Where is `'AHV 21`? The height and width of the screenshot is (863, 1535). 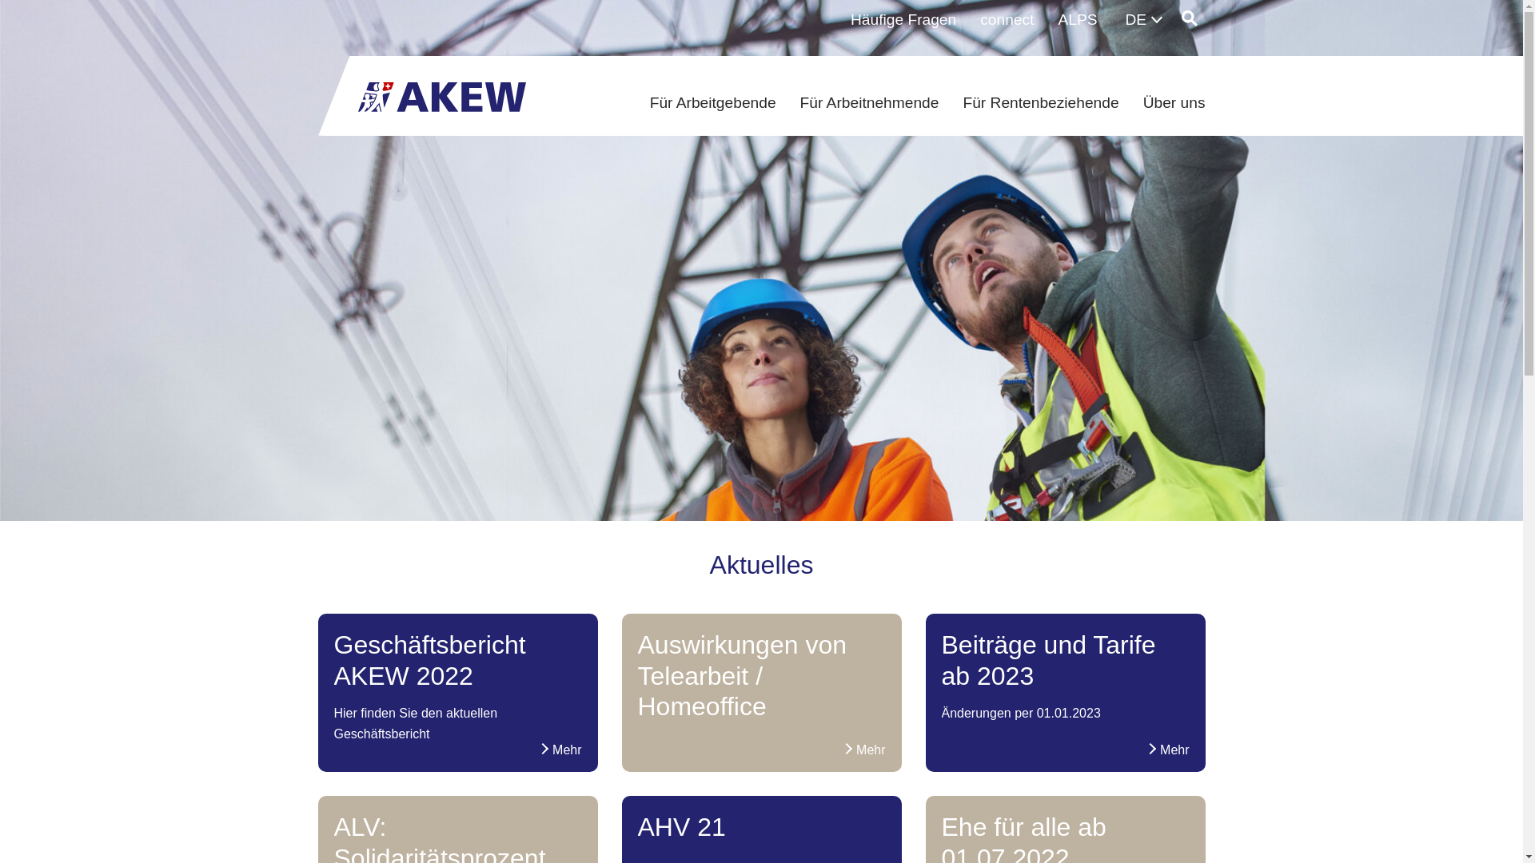
'AHV 21 is located at coordinates (761, 832).